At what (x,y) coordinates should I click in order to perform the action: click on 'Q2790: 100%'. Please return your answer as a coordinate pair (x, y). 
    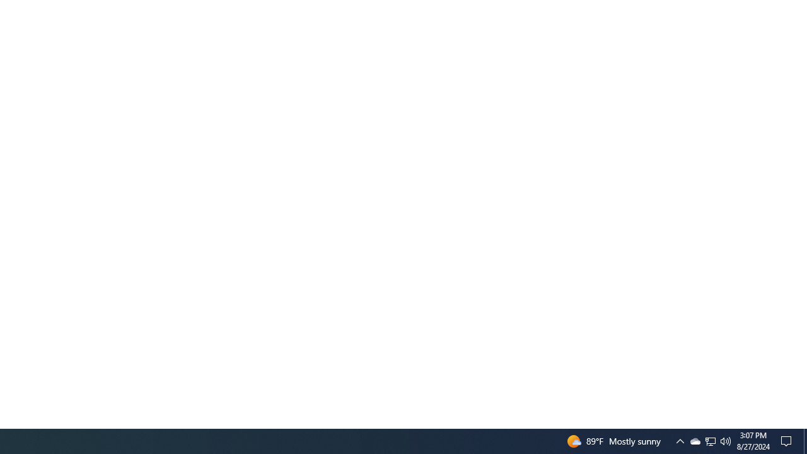
    Looking at the image, I should click on (726, 440).